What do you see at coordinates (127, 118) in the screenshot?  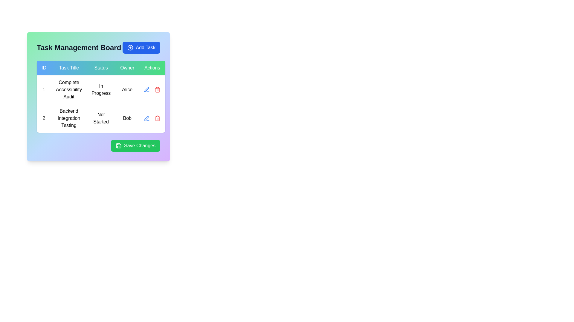 I see `the text label representing the owner of the task in the fourth column of the second row for the 'Backend Integration Testing' task` at bounding box center [127, 118].